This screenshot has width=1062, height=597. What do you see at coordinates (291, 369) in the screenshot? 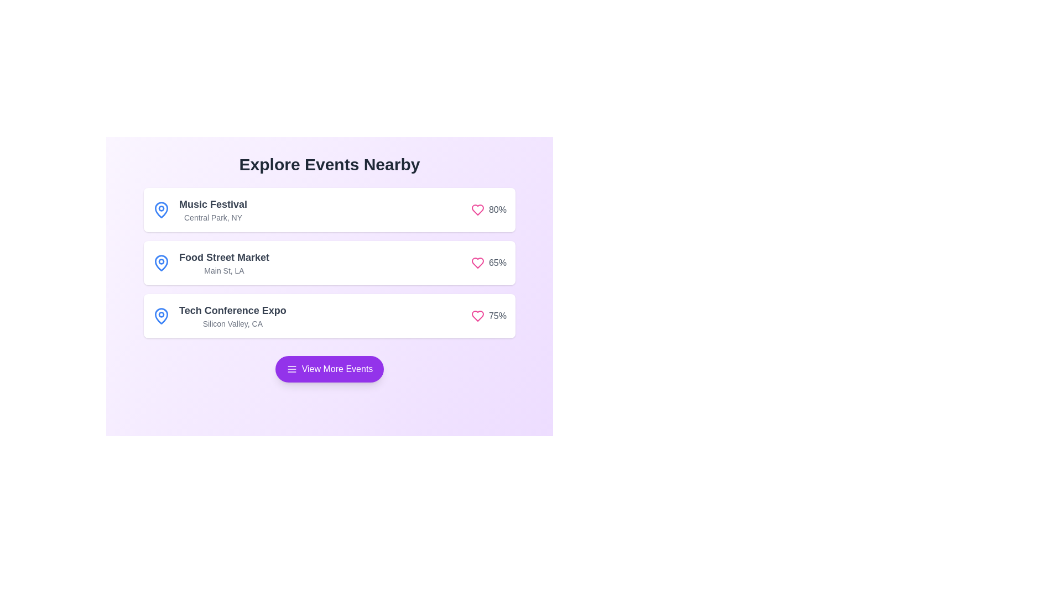
I see `menu icon located on the left side of the purple rounded button labeled 'View More Events'` at bounding box center [291, 369].